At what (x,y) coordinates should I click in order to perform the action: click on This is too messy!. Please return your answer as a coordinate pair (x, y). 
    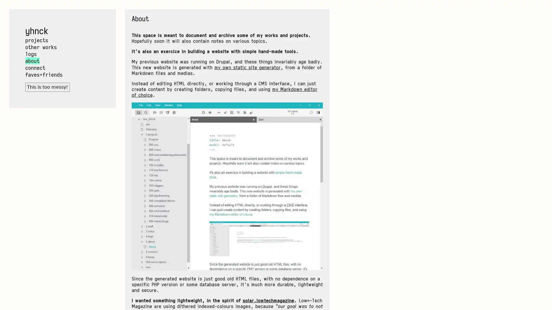
    Looking at the image, I should click on (47, 87).